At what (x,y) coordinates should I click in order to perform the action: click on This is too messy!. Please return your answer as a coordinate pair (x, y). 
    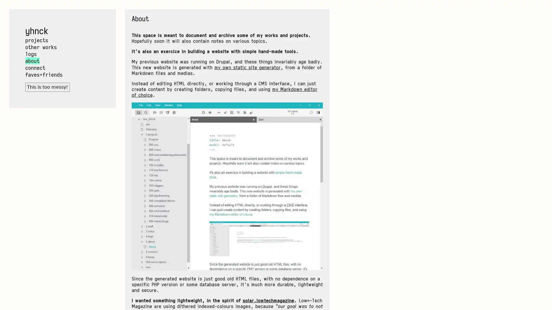
    Looking at the image, I should click on (47, 87).